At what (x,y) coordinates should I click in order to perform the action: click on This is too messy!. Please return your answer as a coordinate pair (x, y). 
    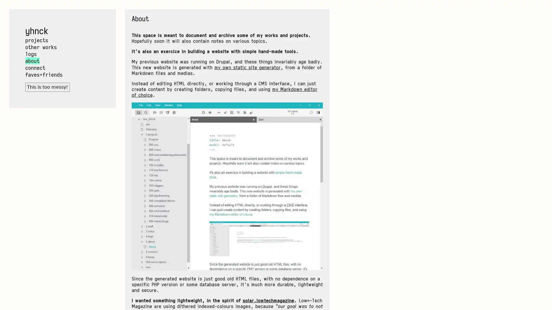
    Looking at the image, I should click on (47, 87).